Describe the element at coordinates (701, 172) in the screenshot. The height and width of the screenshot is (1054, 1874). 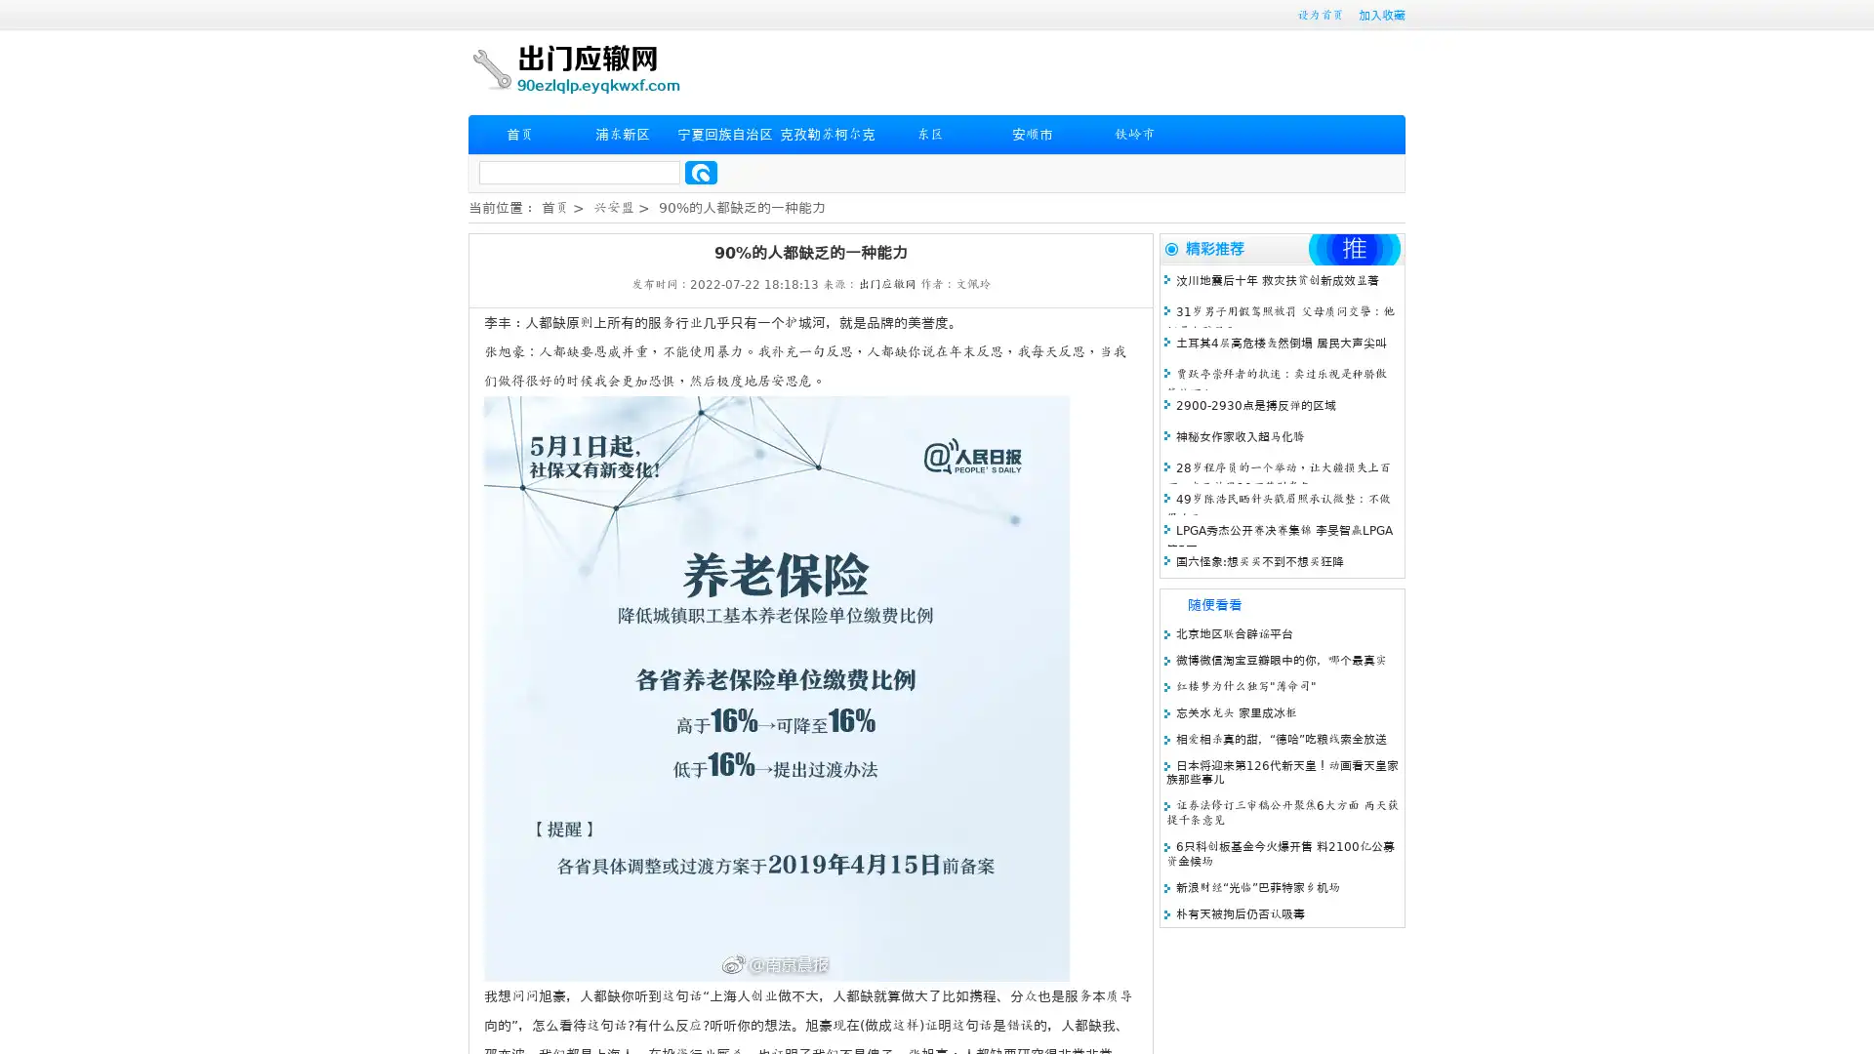
I see `Search` at that location.